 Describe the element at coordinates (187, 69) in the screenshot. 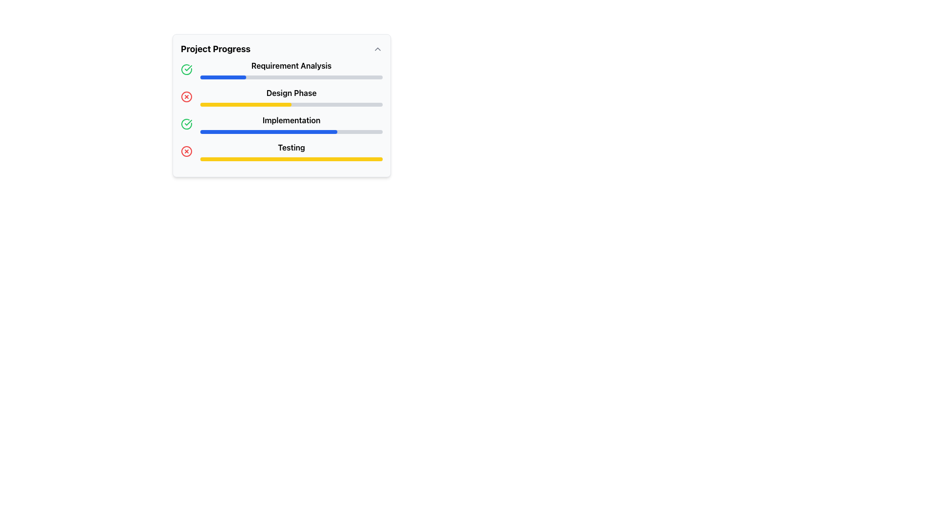

I see `the arc segment of the circular graphical component that is part of the checkmark icon within the green circle` at that location.